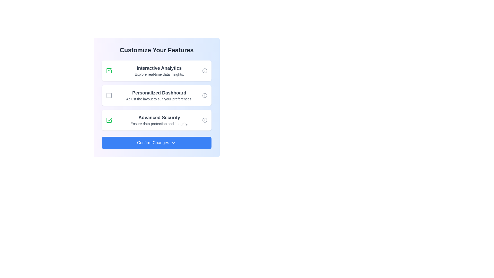 Image resolution: width=494 pixels, height=278 pixels. What do you see at coordinates (156, 97) in the screenshot?
I see `the labels within the gradient background card containing checkboxes and a confirmation button` at bounding box center [156, 97].